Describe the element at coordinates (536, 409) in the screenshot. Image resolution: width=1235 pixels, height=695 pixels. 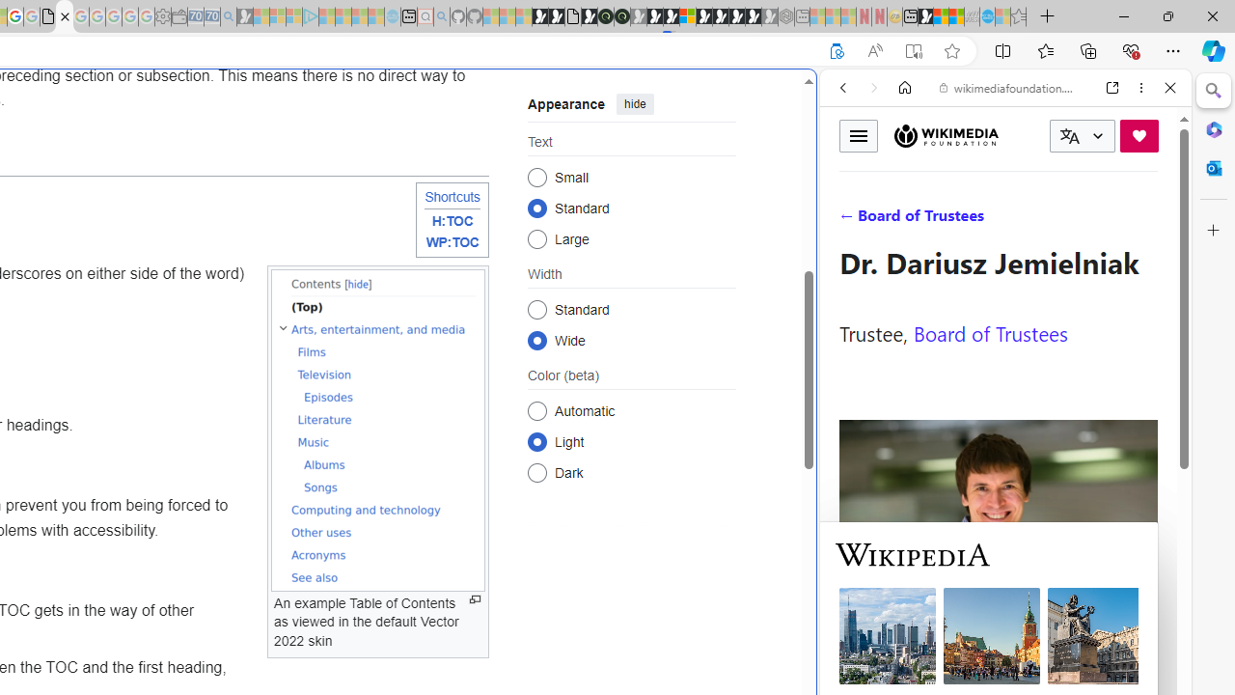
I see `'Automatic'` at that location.